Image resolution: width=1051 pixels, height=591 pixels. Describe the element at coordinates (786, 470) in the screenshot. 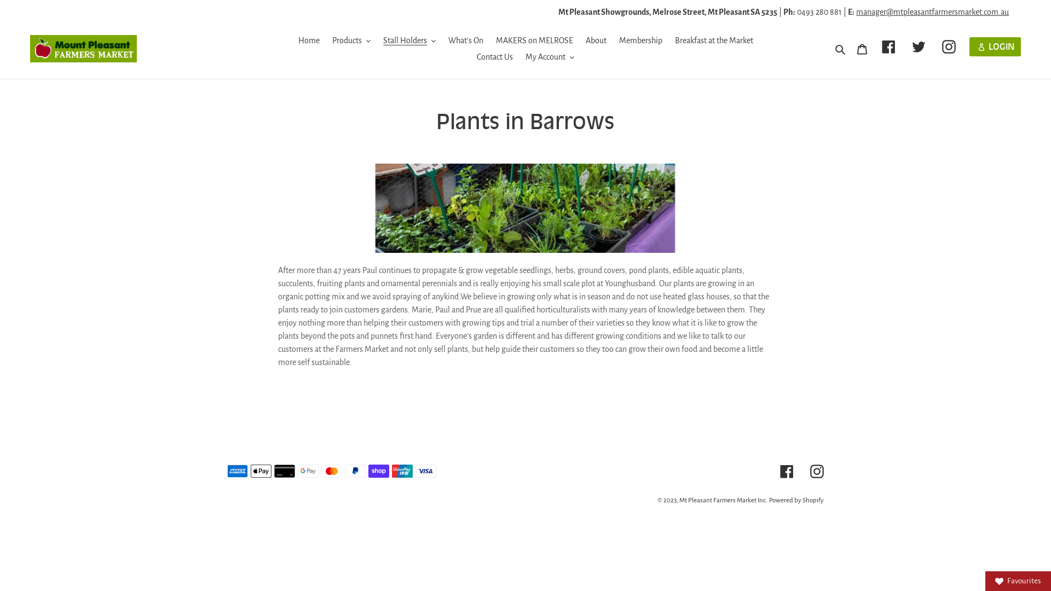

I see `'Facebook'` at that location.